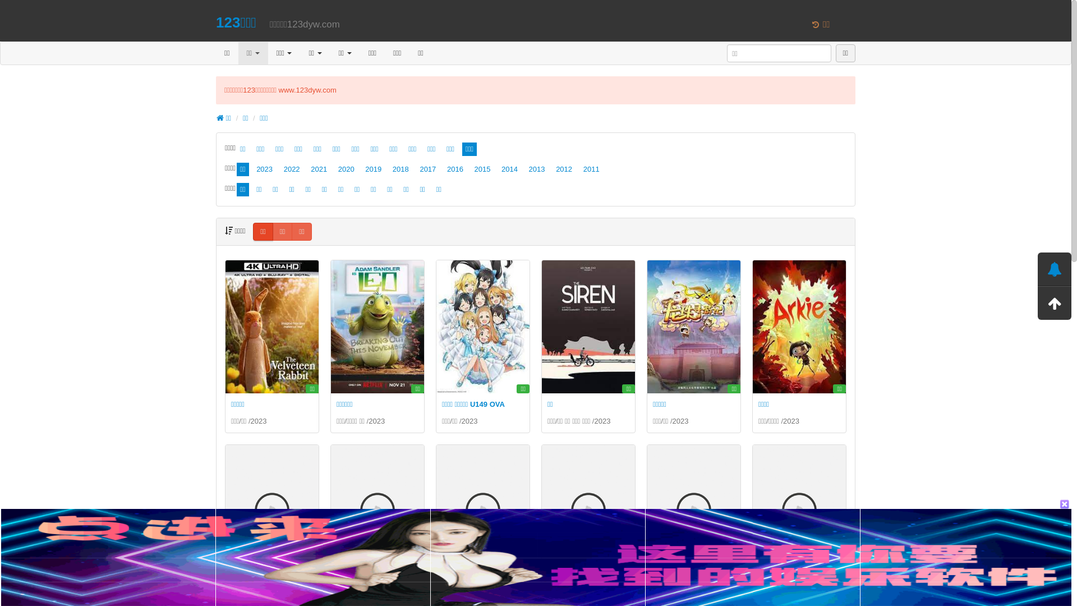 This screenshot has height=606, width=1077. Describe the element at coordinates (318, 169) in the screenshot. I see `'2021'` at that location.